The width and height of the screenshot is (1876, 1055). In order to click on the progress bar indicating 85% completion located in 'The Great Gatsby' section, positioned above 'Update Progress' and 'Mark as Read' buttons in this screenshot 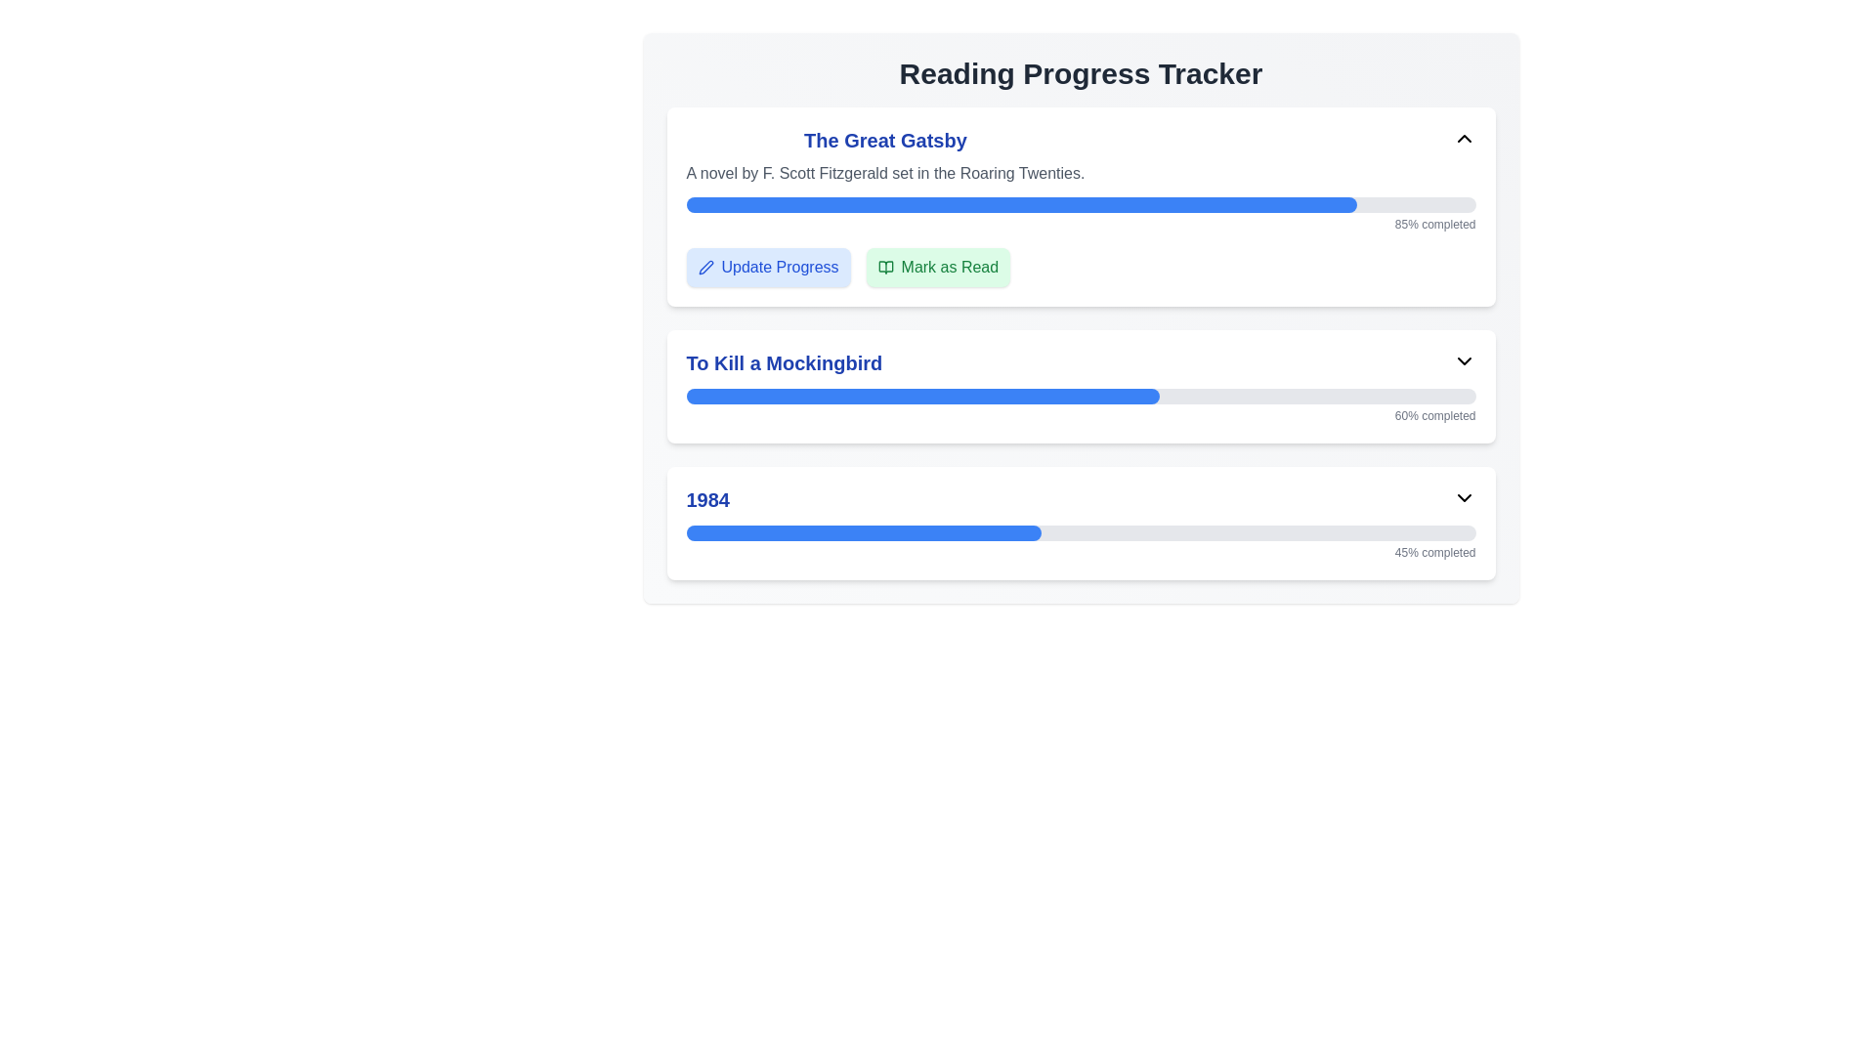, I will do `click(1080, 204)`.